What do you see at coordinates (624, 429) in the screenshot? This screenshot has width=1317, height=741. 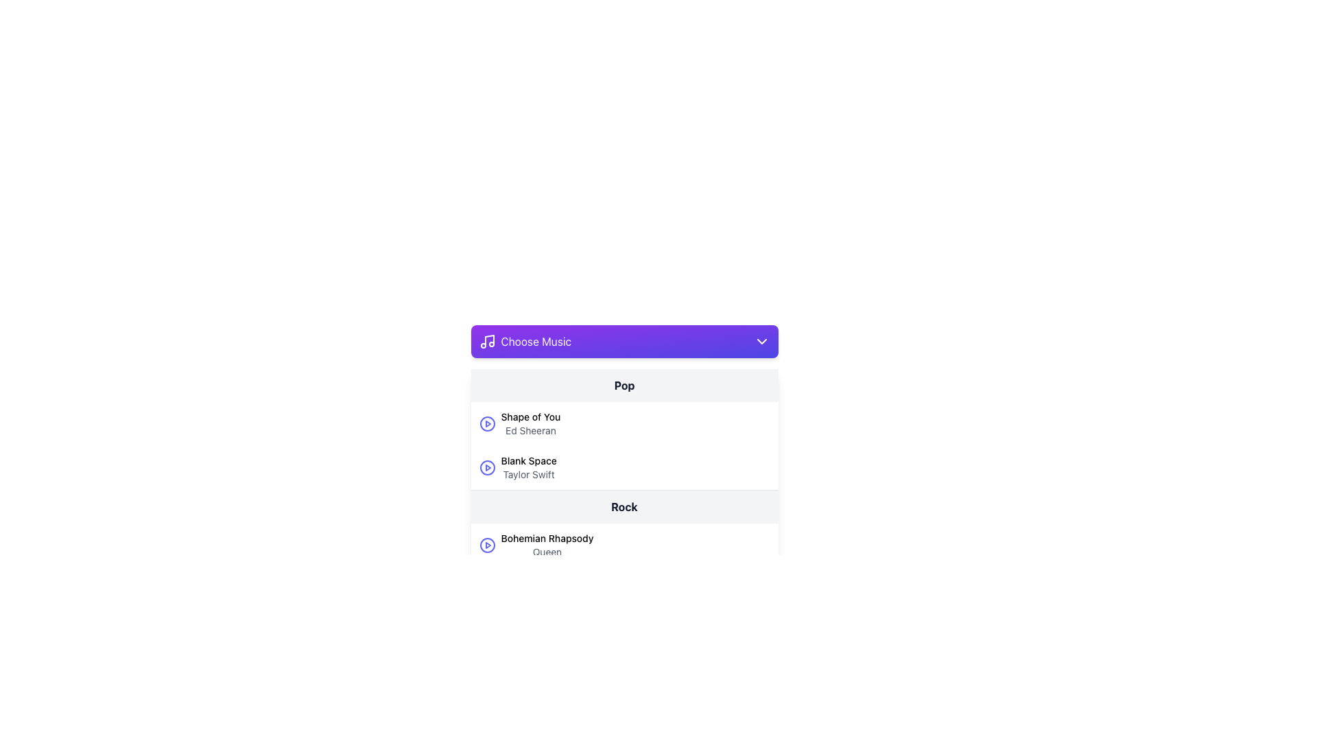 I see `the music track list box under the 'Pop' category` at bounding box center [624, 429].